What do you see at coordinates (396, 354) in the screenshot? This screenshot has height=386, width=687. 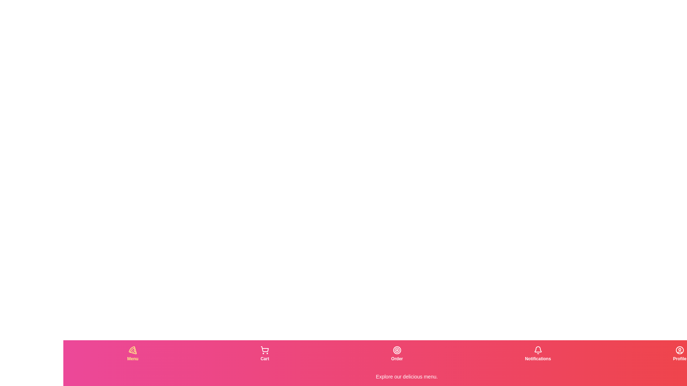 I see `the tab corresponding to Order` at bounding box center [396, 354].